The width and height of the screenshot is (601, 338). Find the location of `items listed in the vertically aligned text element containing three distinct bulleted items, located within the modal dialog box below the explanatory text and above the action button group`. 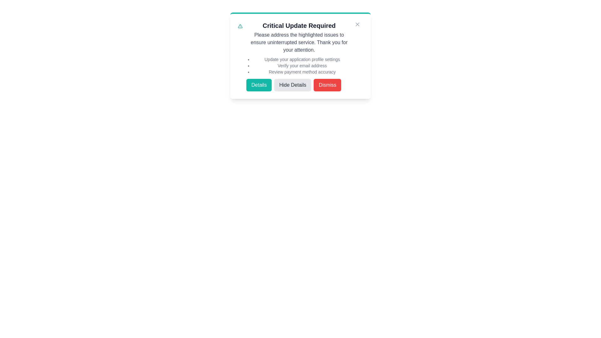

items listed in the vertically aligned text element containing three distinct bulleted items, located within the modal dialog box below the explanatory text and above the action button group is located at coordinates (299, 65).